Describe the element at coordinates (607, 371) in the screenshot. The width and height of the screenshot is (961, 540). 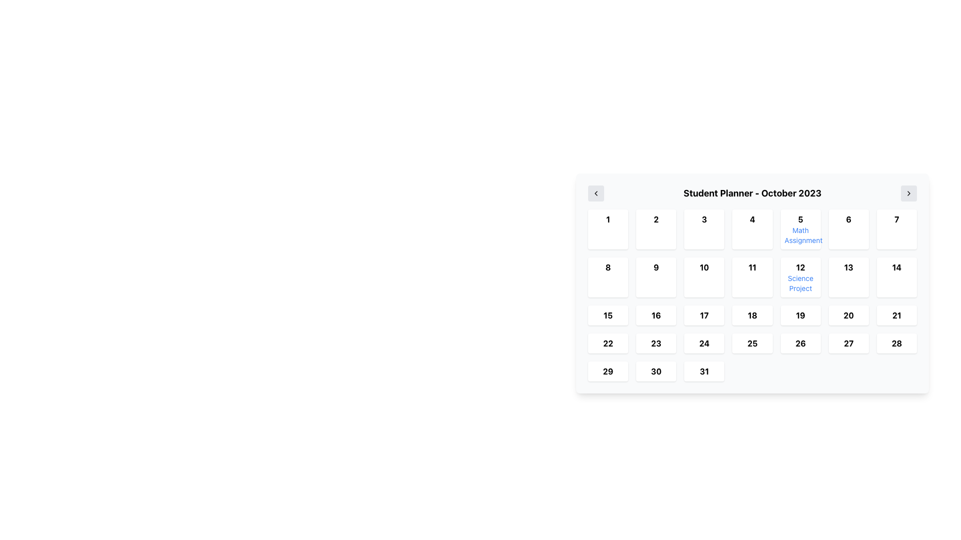
I see `the calendar day cell representing the 29th day` at that location.